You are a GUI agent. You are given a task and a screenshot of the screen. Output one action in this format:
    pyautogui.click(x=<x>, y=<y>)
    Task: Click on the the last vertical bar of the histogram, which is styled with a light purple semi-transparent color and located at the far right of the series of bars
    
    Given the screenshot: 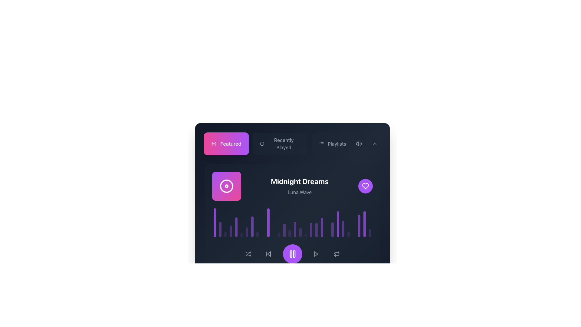 What is the action you would take?
    pyautogui.click(x=369, y=233)
    